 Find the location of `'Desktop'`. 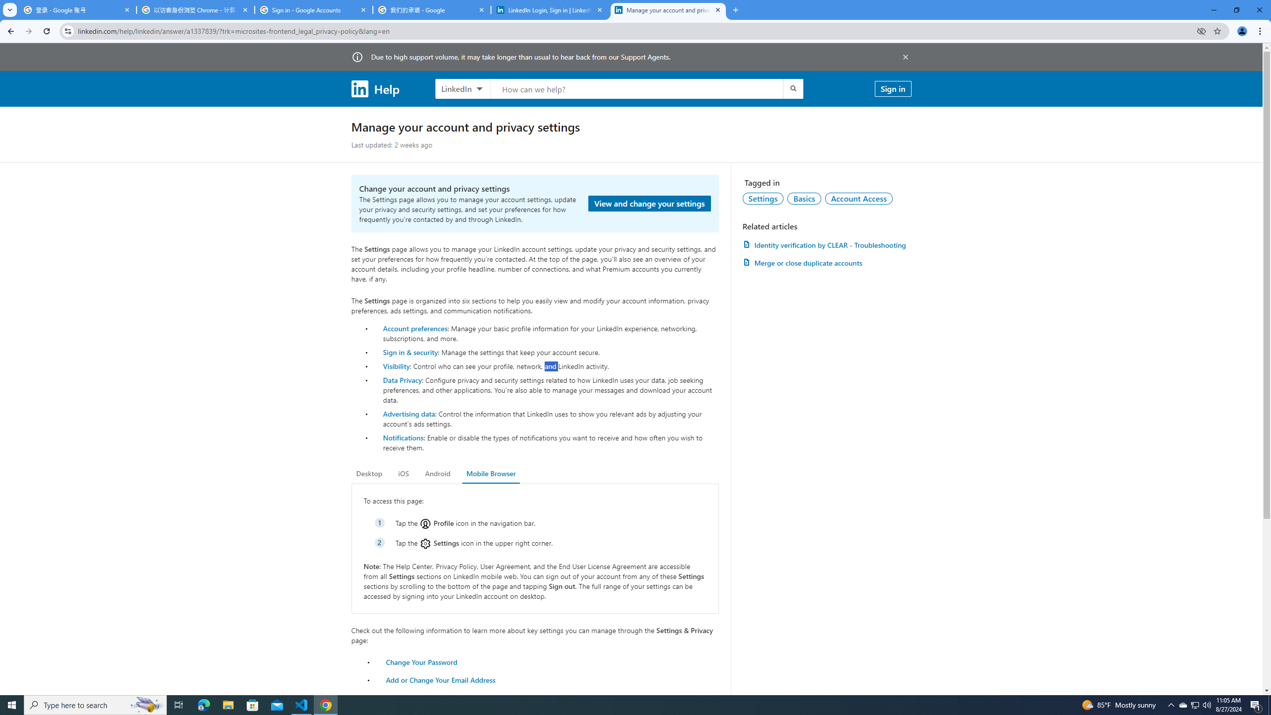

'Desktop' is located at coordinates (368, 473).